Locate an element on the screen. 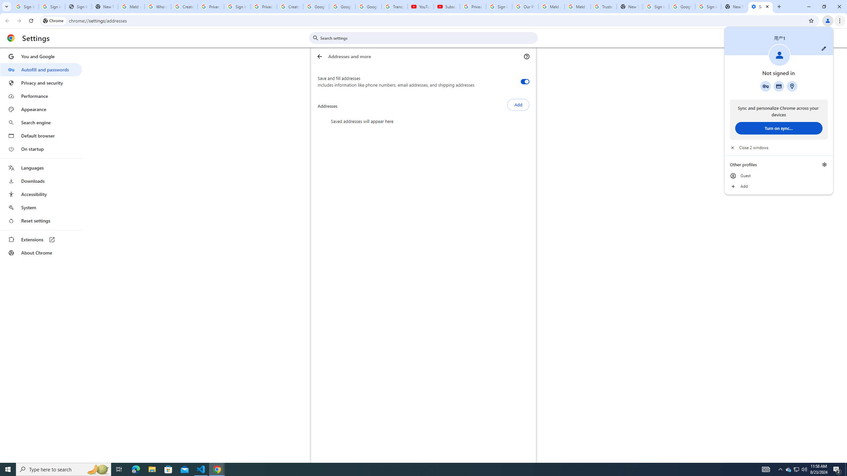 This screenshot has height=476, width=847. 'Languages' is located at coordinates (41, 168).